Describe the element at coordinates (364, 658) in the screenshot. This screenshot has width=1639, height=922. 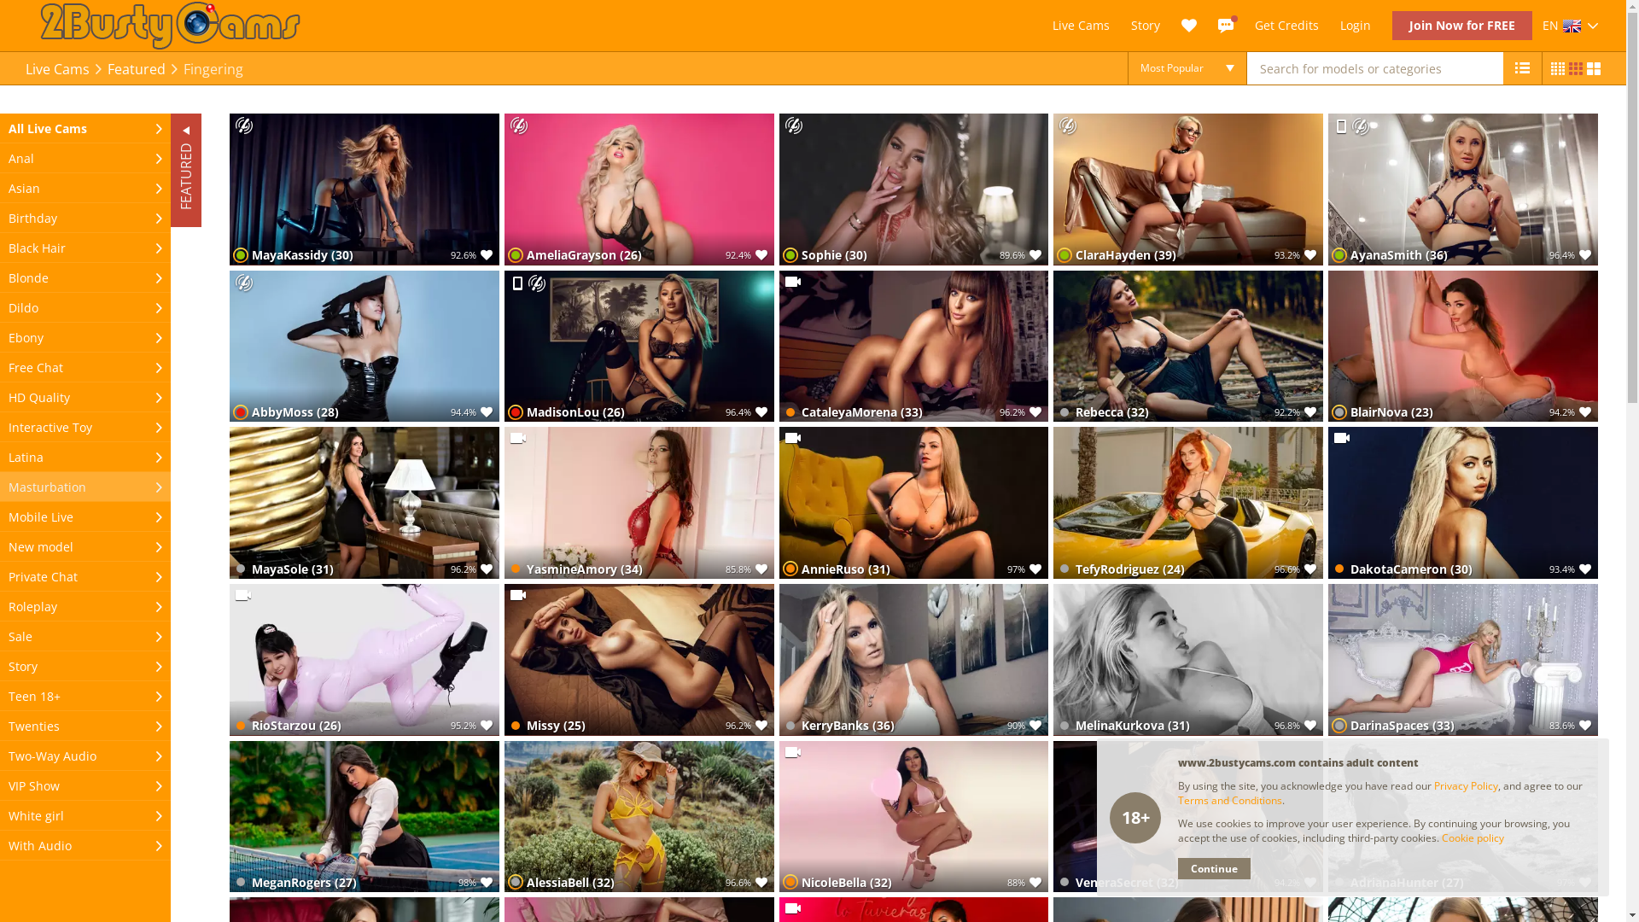
I see `'RioStarzou (26)` at that location.